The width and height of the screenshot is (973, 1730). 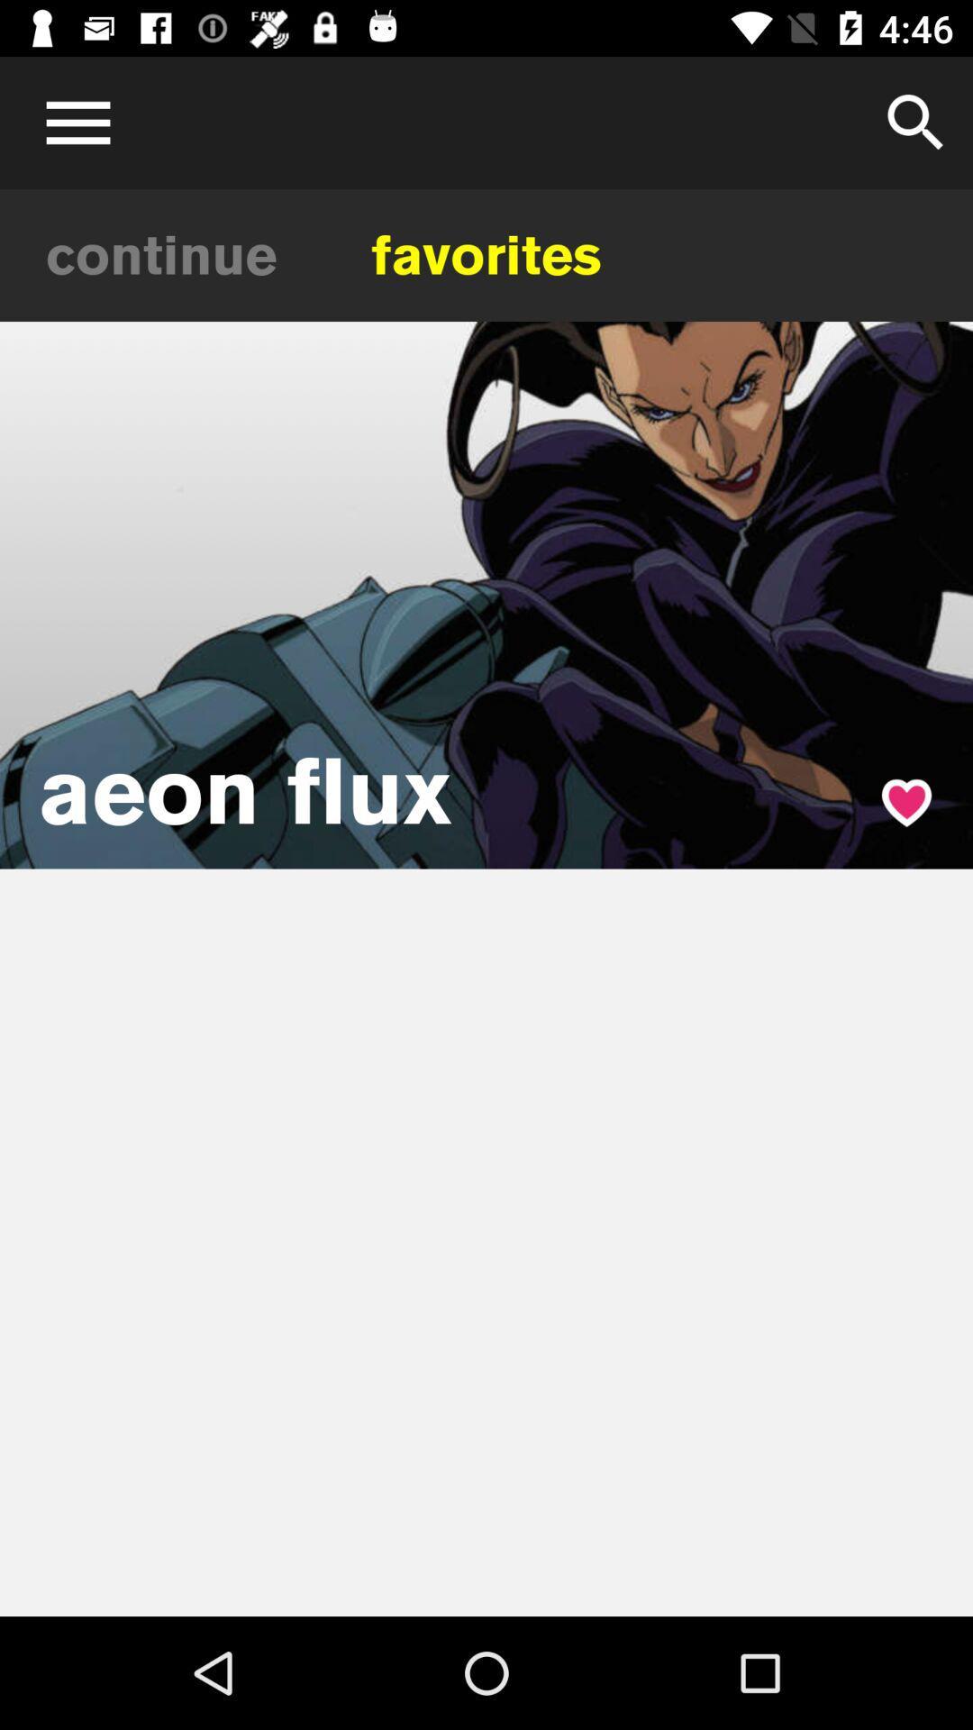 I want to click on menu icone, so click(x=71, y=122).